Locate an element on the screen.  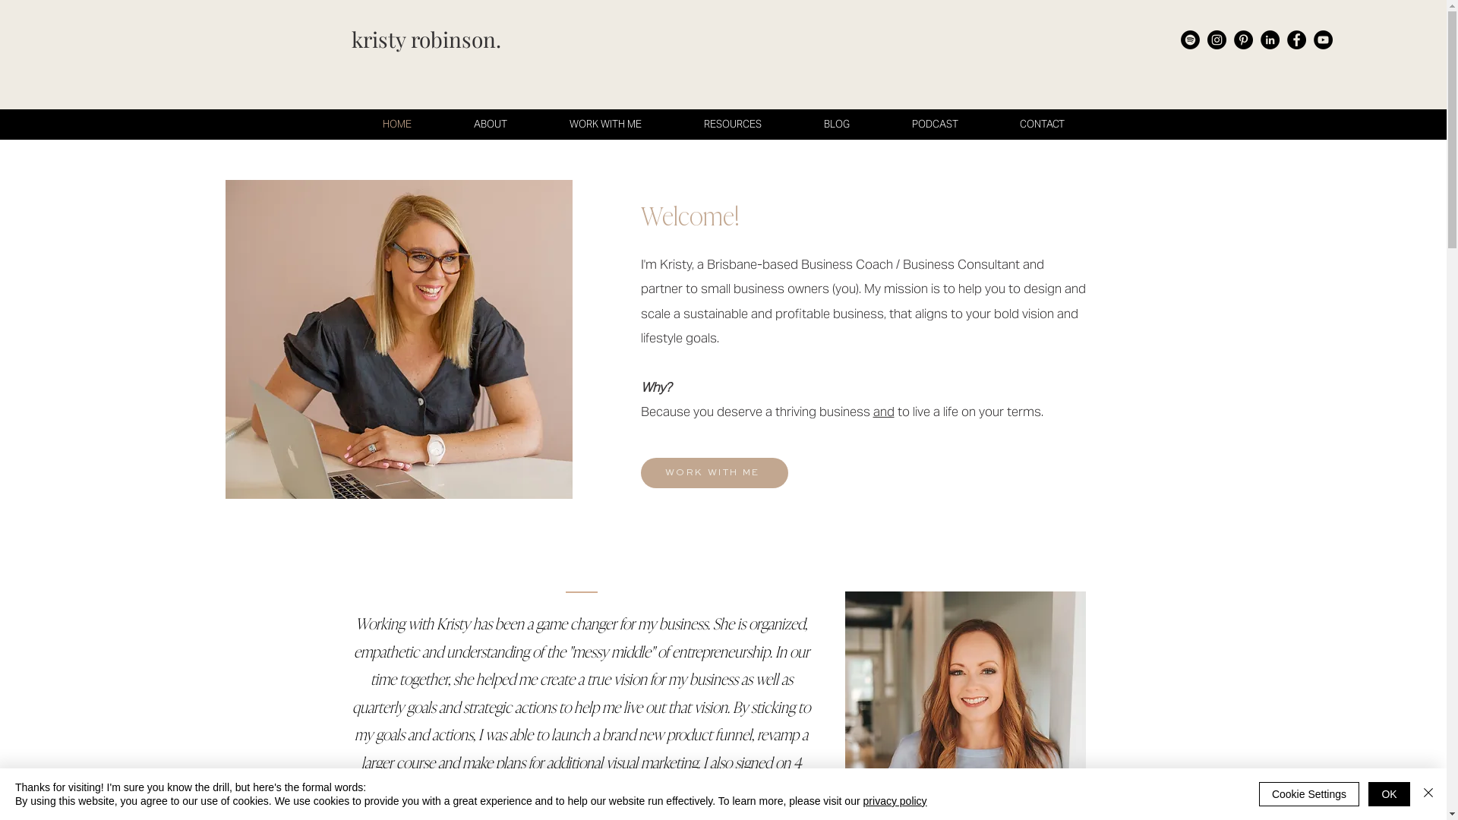
'ABOUT' is located at coordinates (489, 124).